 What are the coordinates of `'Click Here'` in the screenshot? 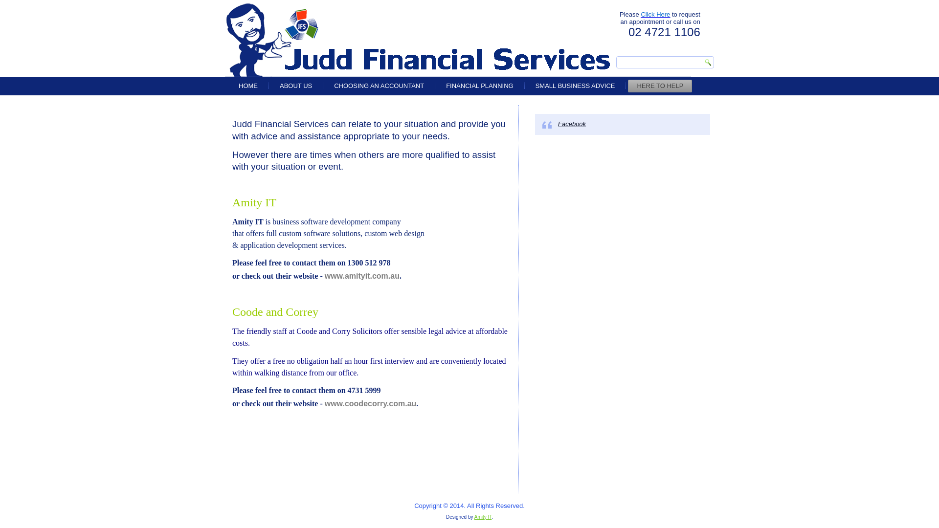 It's located at (655, 14).